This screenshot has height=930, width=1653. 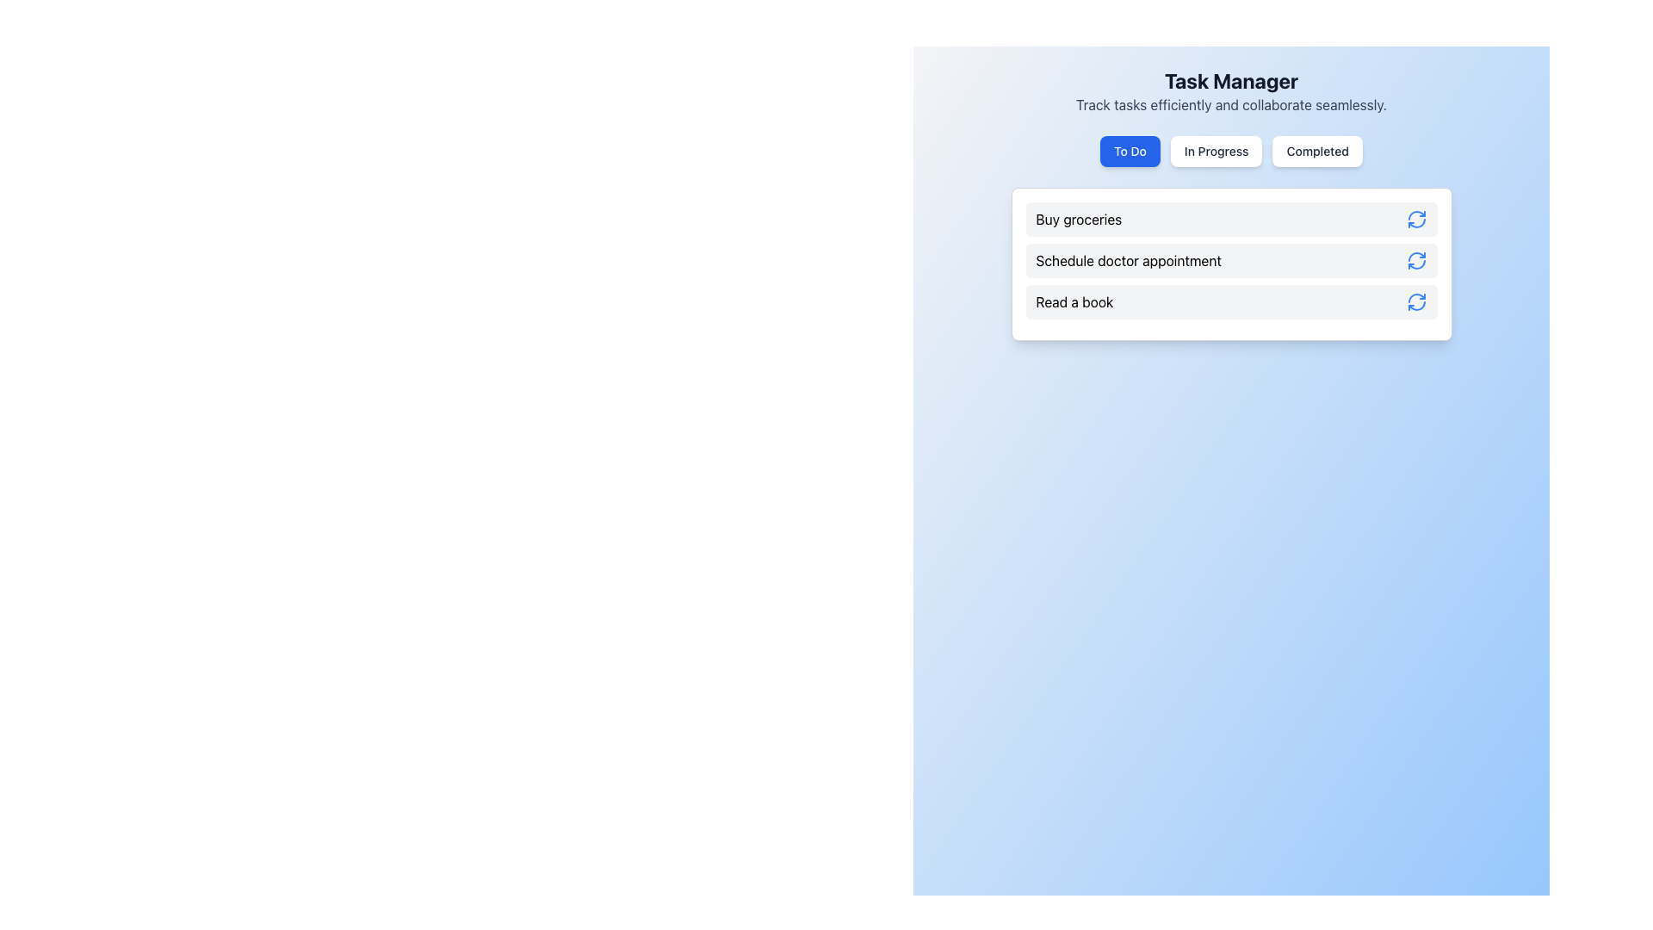 What do you see at coordinates (1230, 261) in the screenshot?
I see `the horizontal button-like component labeled 'Schedule doctor appointment'` at bounding box center [1230, 261].